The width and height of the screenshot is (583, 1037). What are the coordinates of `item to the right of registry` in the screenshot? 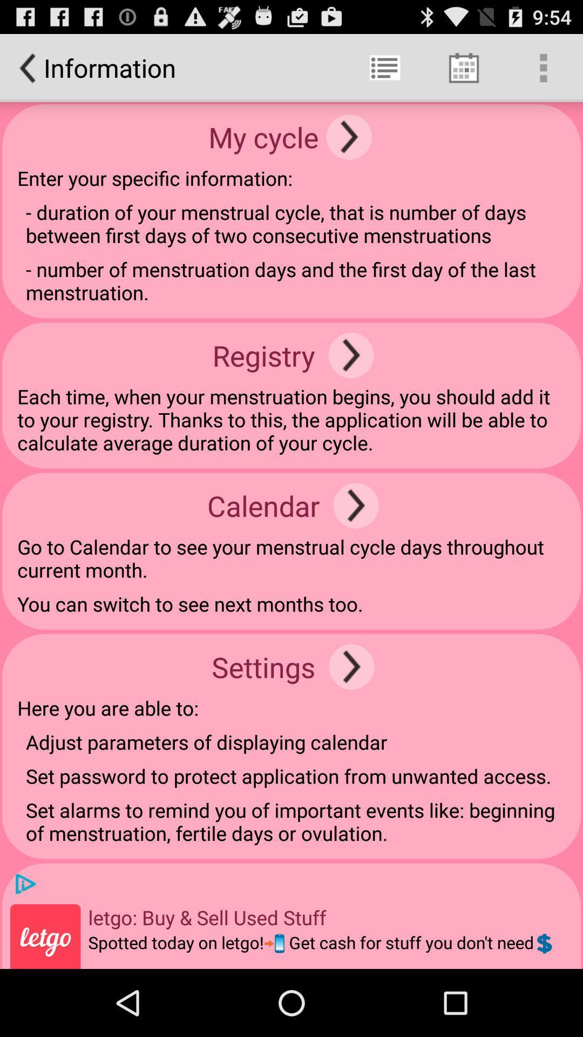 It's located at (351, 355).